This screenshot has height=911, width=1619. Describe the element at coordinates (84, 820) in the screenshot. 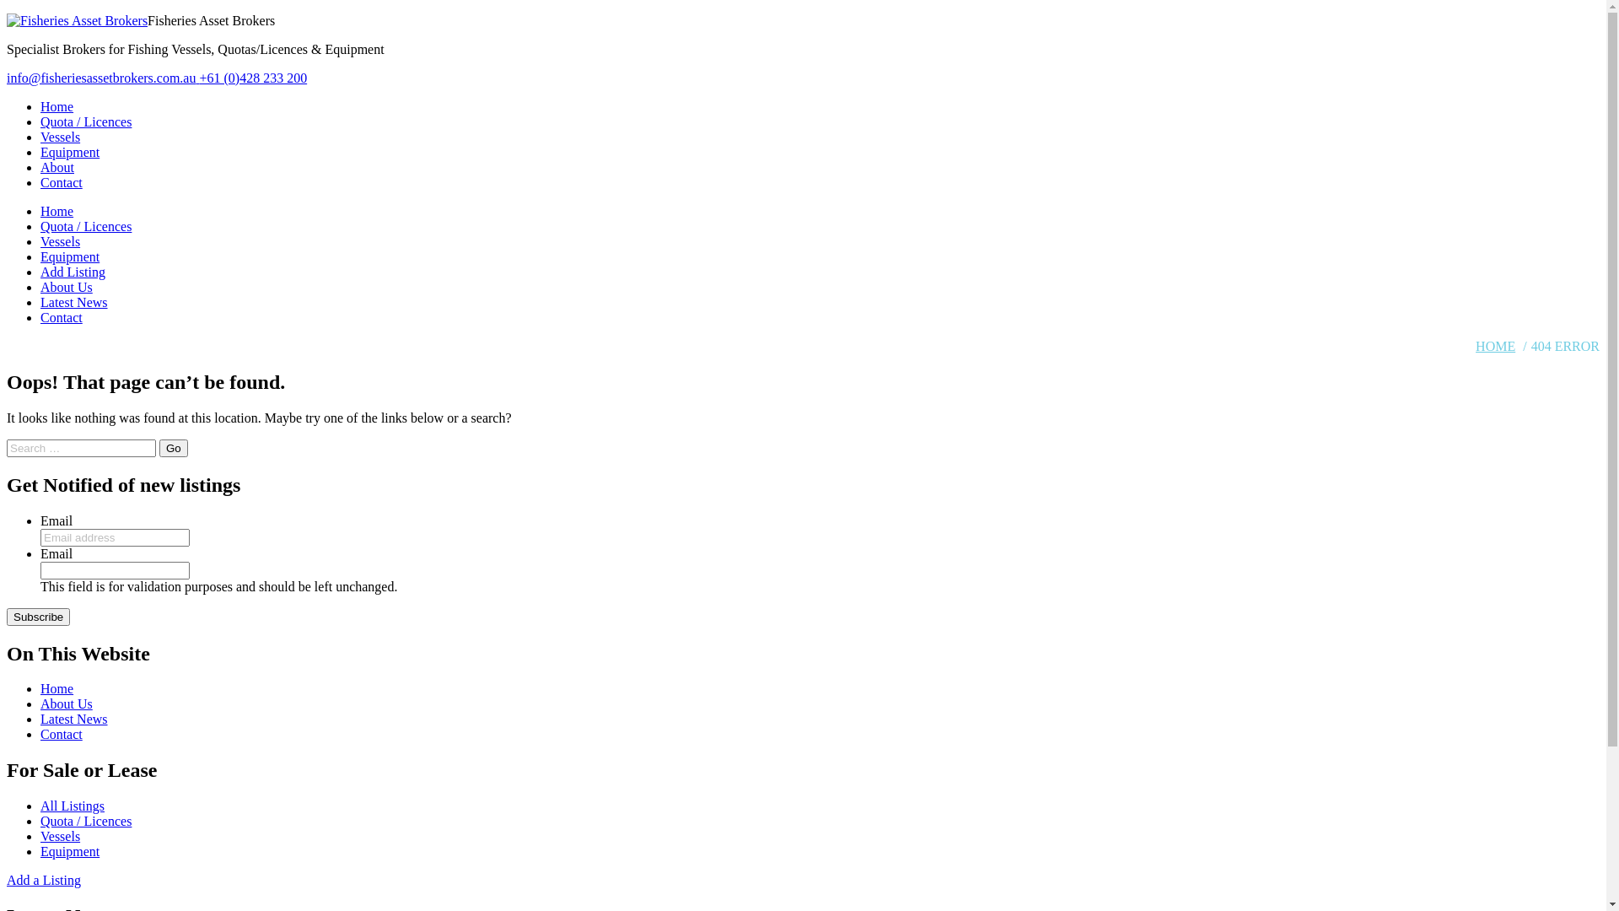

I see `'Quota / Licences'` at that location.